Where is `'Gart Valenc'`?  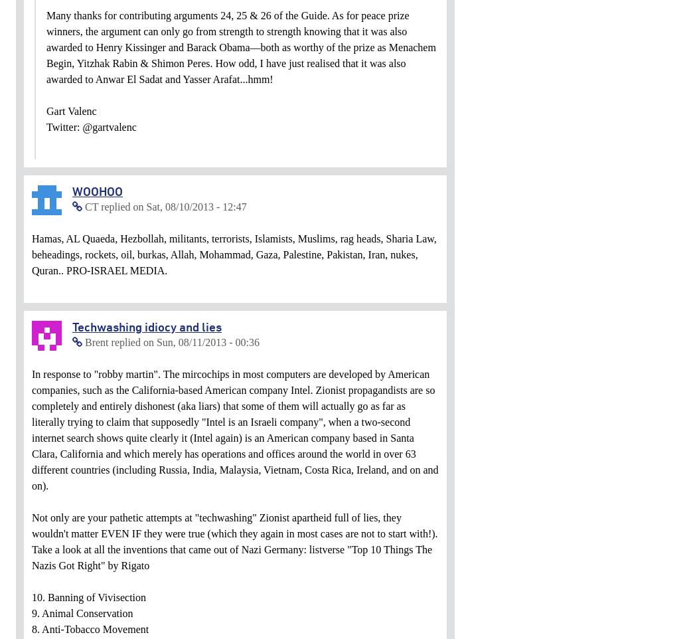
'Gart Valenc' is located at coordinates (46, 111).